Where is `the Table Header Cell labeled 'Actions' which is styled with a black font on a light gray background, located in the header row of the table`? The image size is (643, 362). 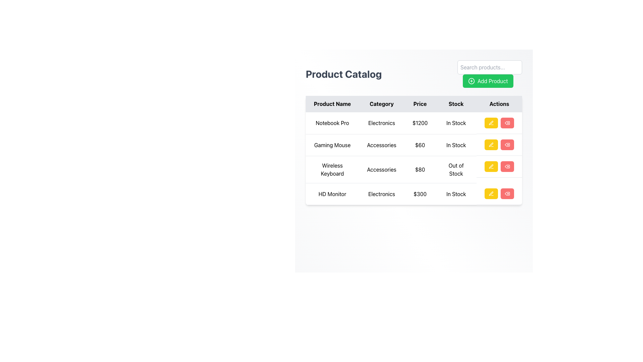 the Table Header Cell labeled 'Actions' which is styled with a black font on a light gray background, located in the header row of the table is located at coordinates (499, 104).